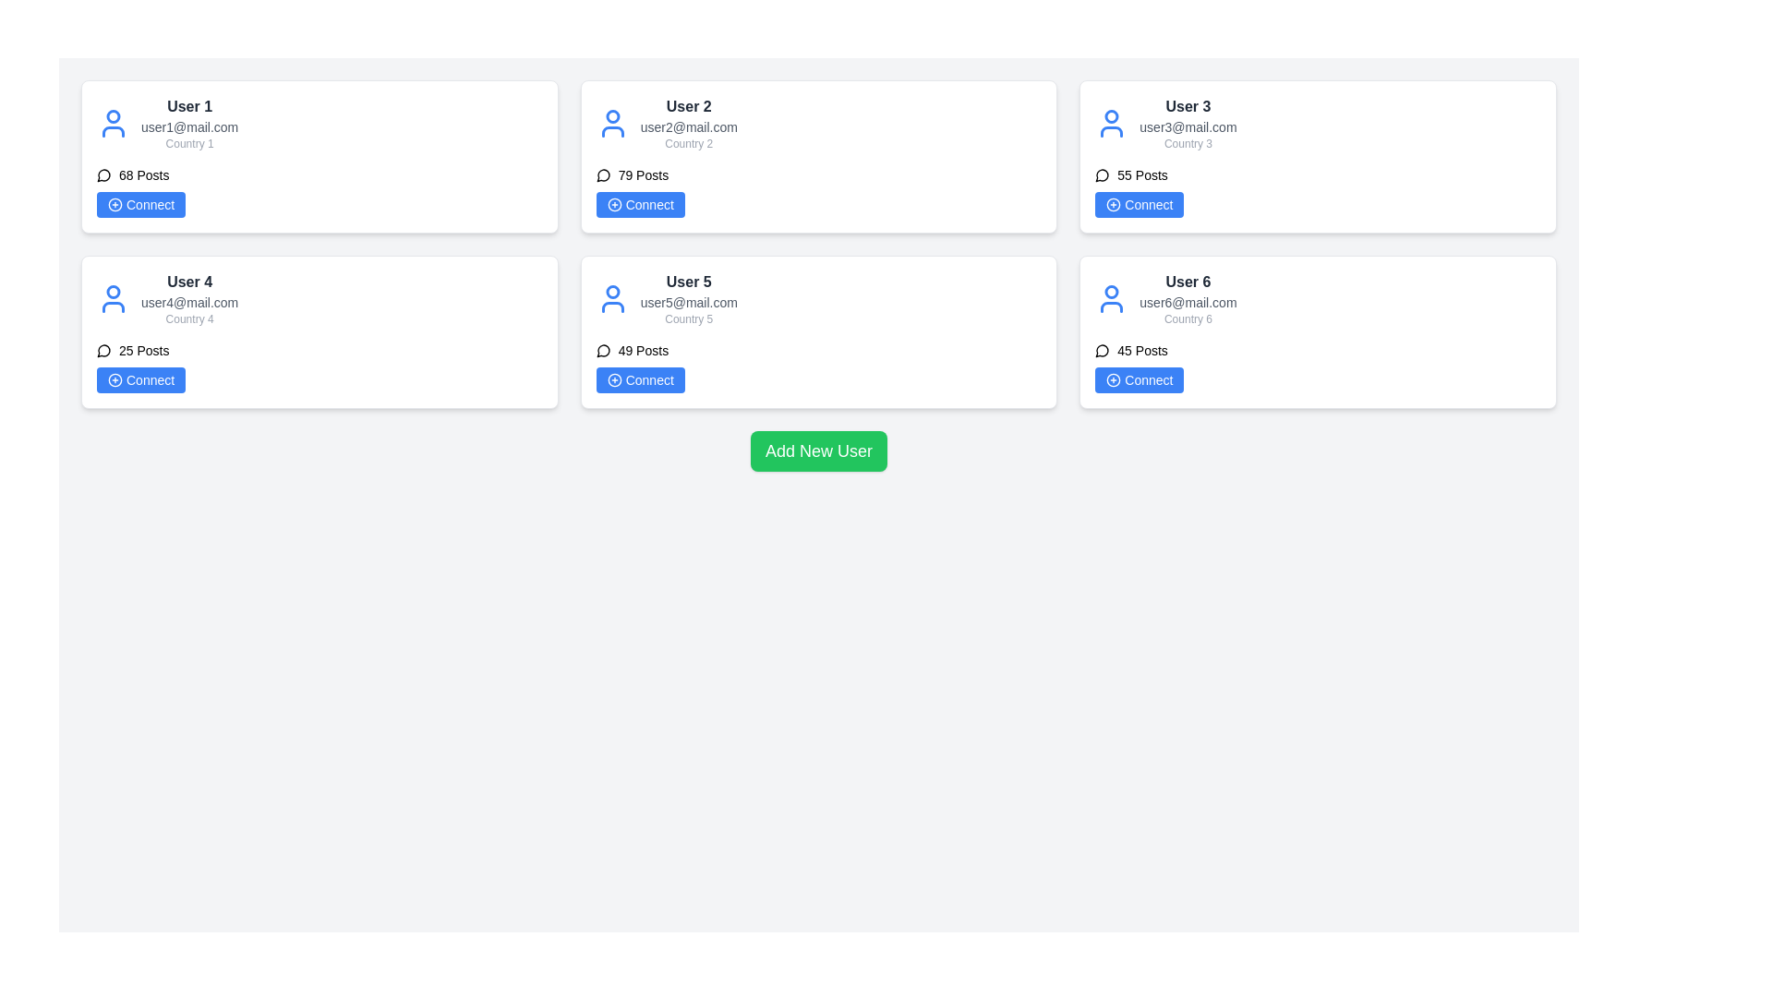 This screenshot has height=997, width=1773. What do you see at coordinates (818, 451) in the screenshot?
I see `the button that triggers the action of adding a new user to the system, located centrally below the user cards grid layout` at bounding box center [818, 451].